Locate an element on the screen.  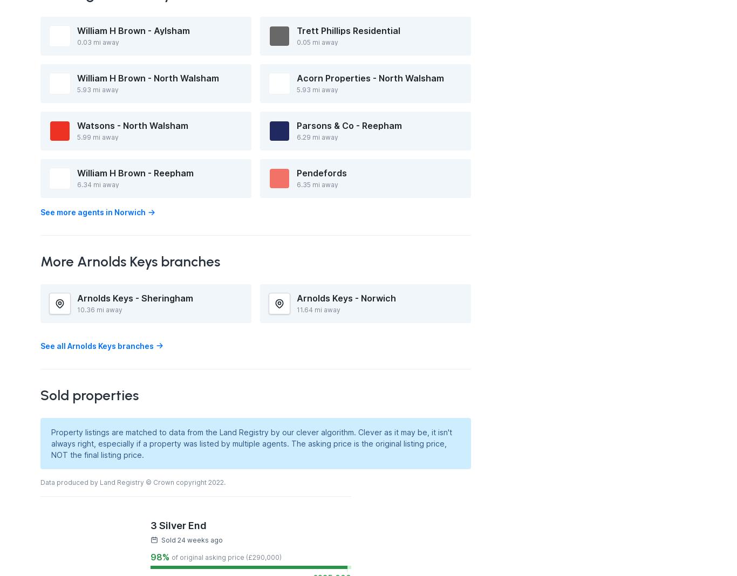
'of original asking price (£' is located at coordinates (211, 557).